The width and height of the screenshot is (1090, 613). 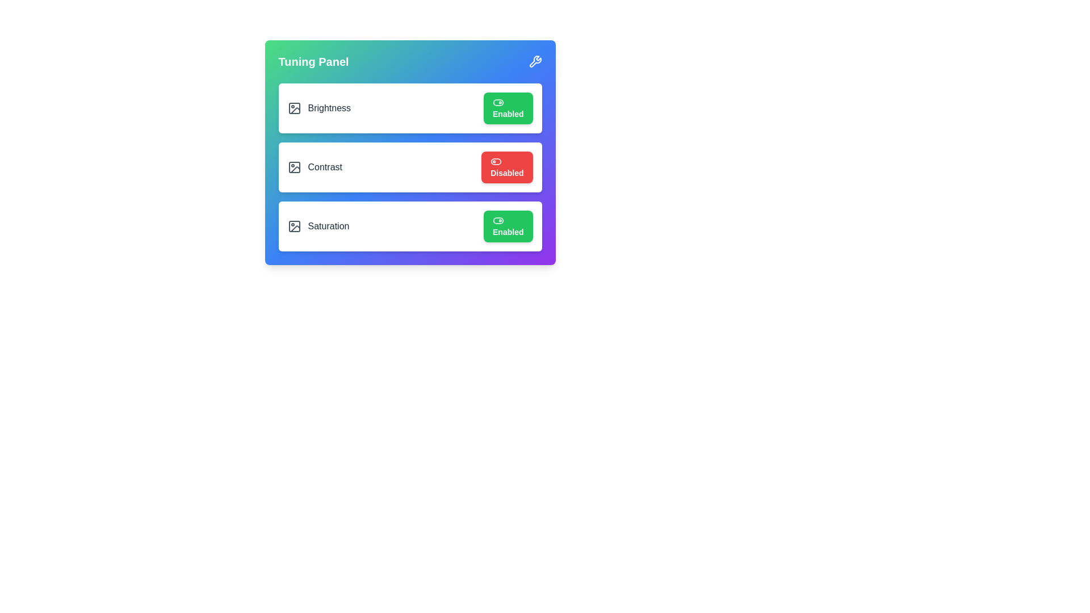 What do you see at coordinates (294, 226) in the screenshot?
I see `the image icon for Saturation to interact with it` at bounding box center [294, 226].